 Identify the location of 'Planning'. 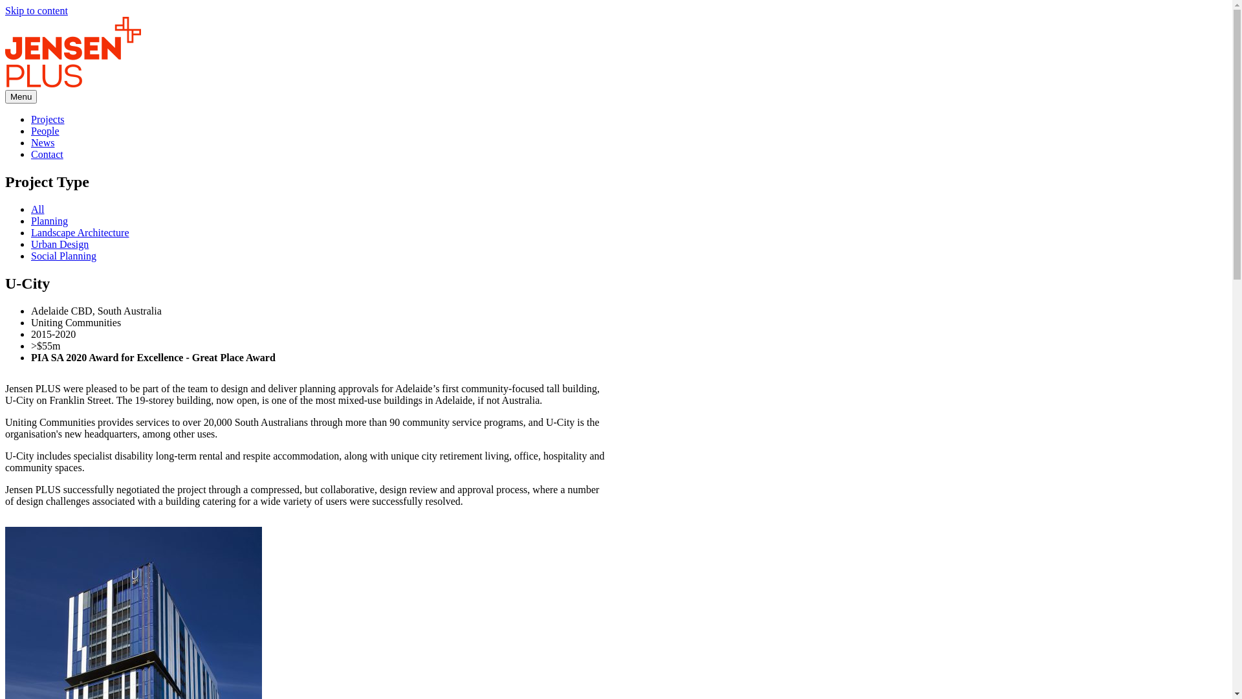
(49, 220).